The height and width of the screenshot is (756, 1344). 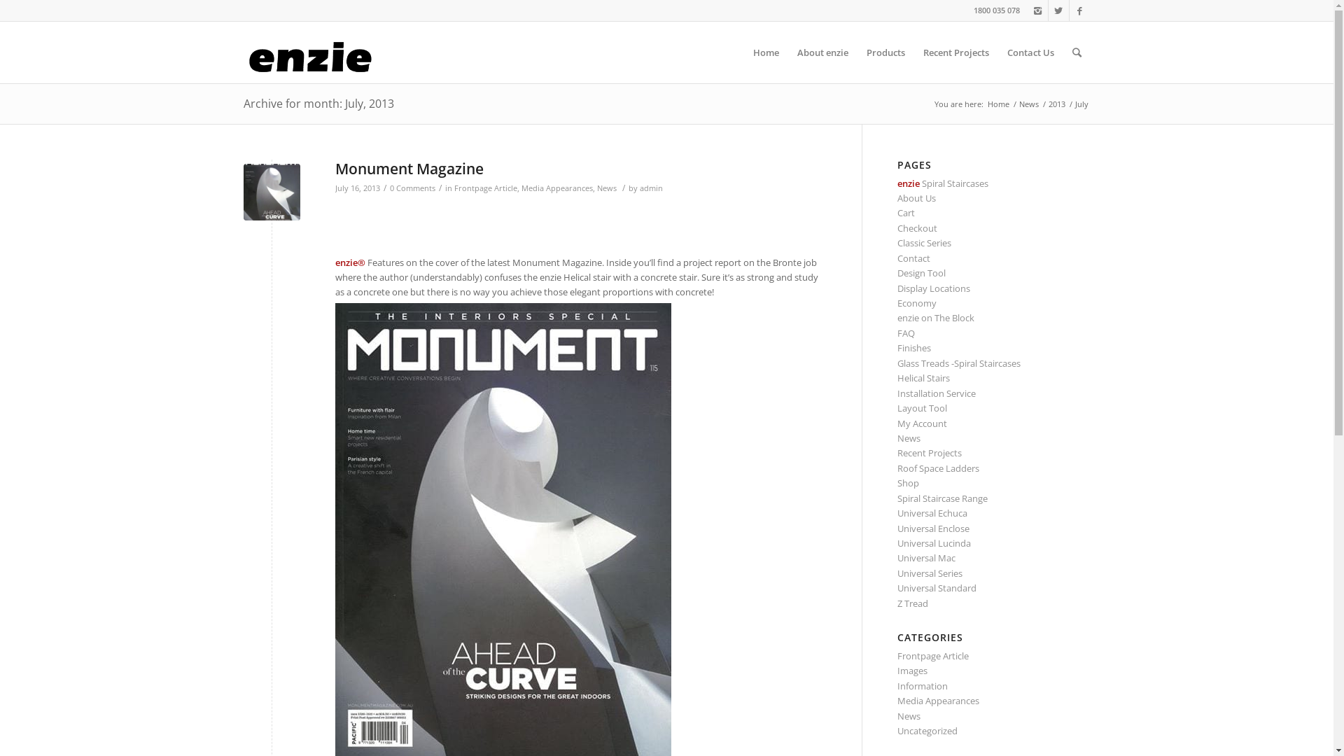 I want to click on '2013', so click(x=1056, y=103).